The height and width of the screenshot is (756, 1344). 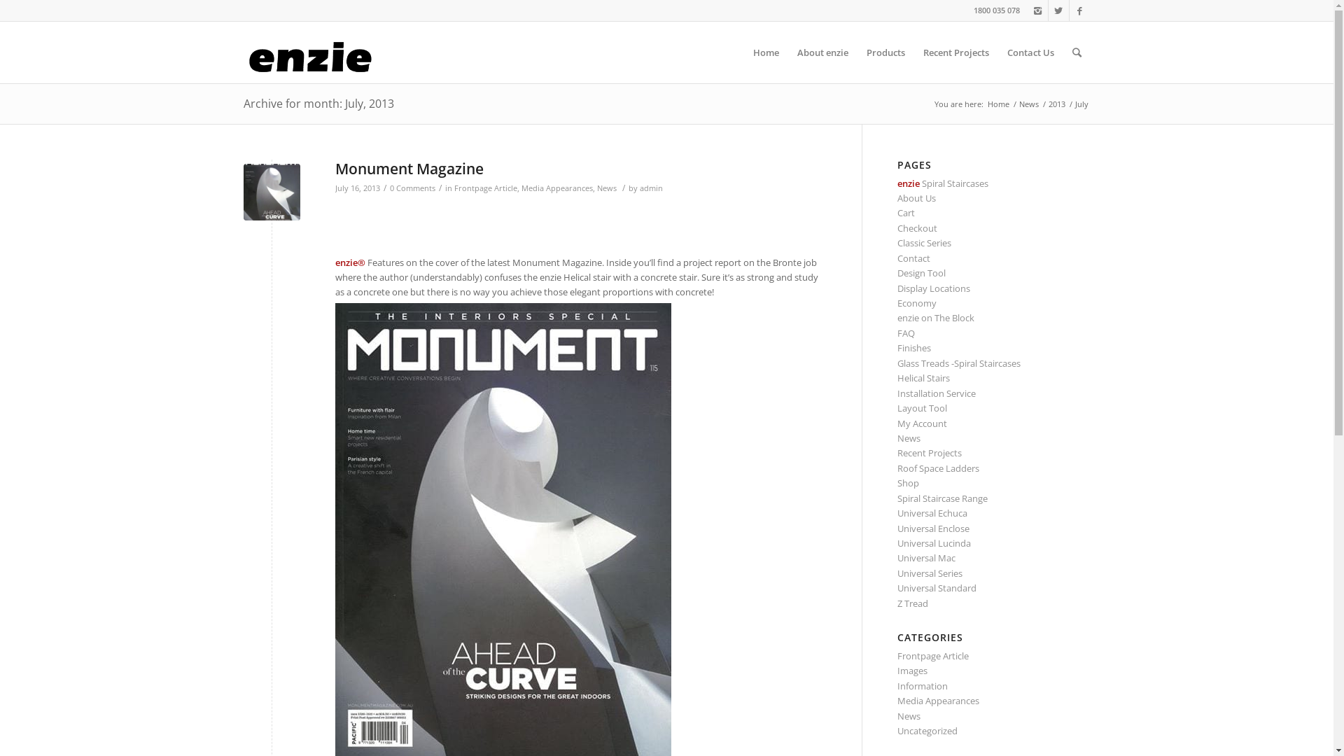 I want to click on '2013', so click(x=1056, y=103).